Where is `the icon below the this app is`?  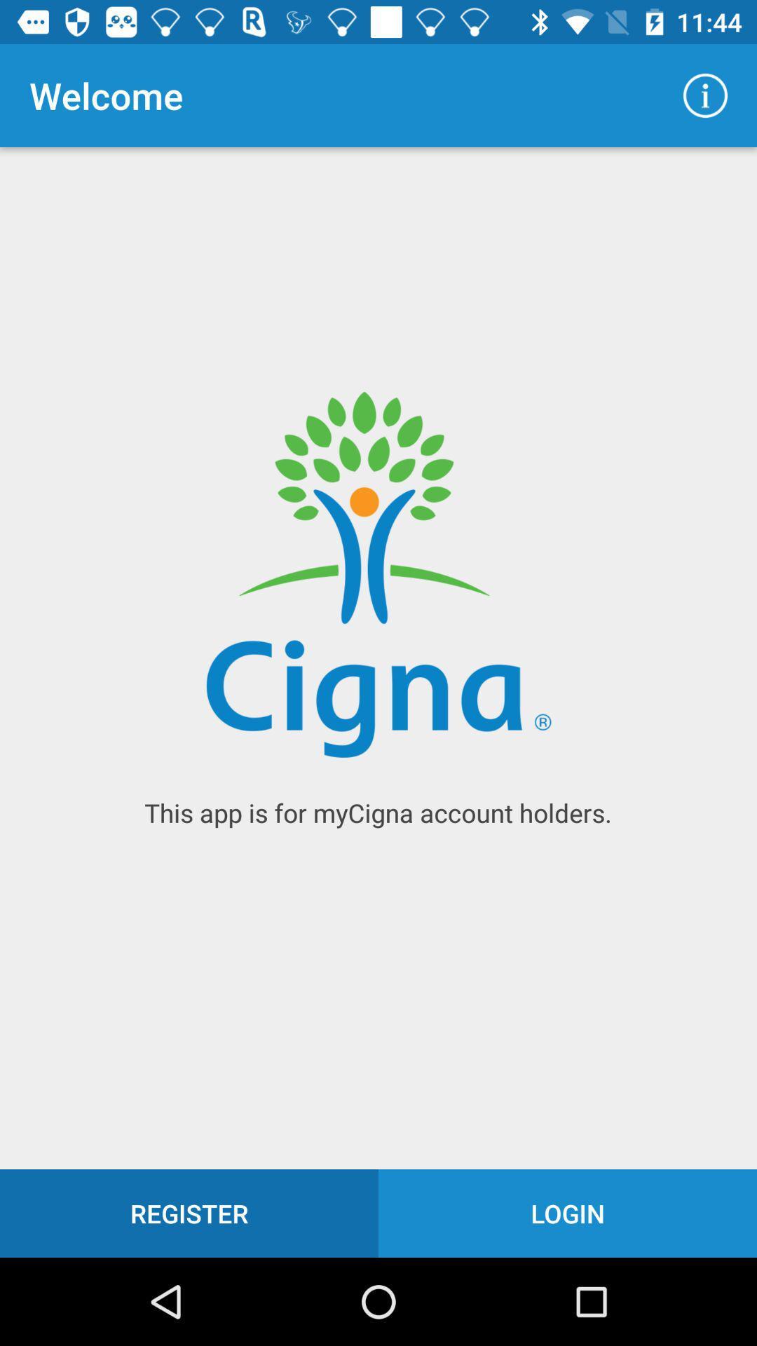
the icon below the this app is is located at coordinates (189, 1213).